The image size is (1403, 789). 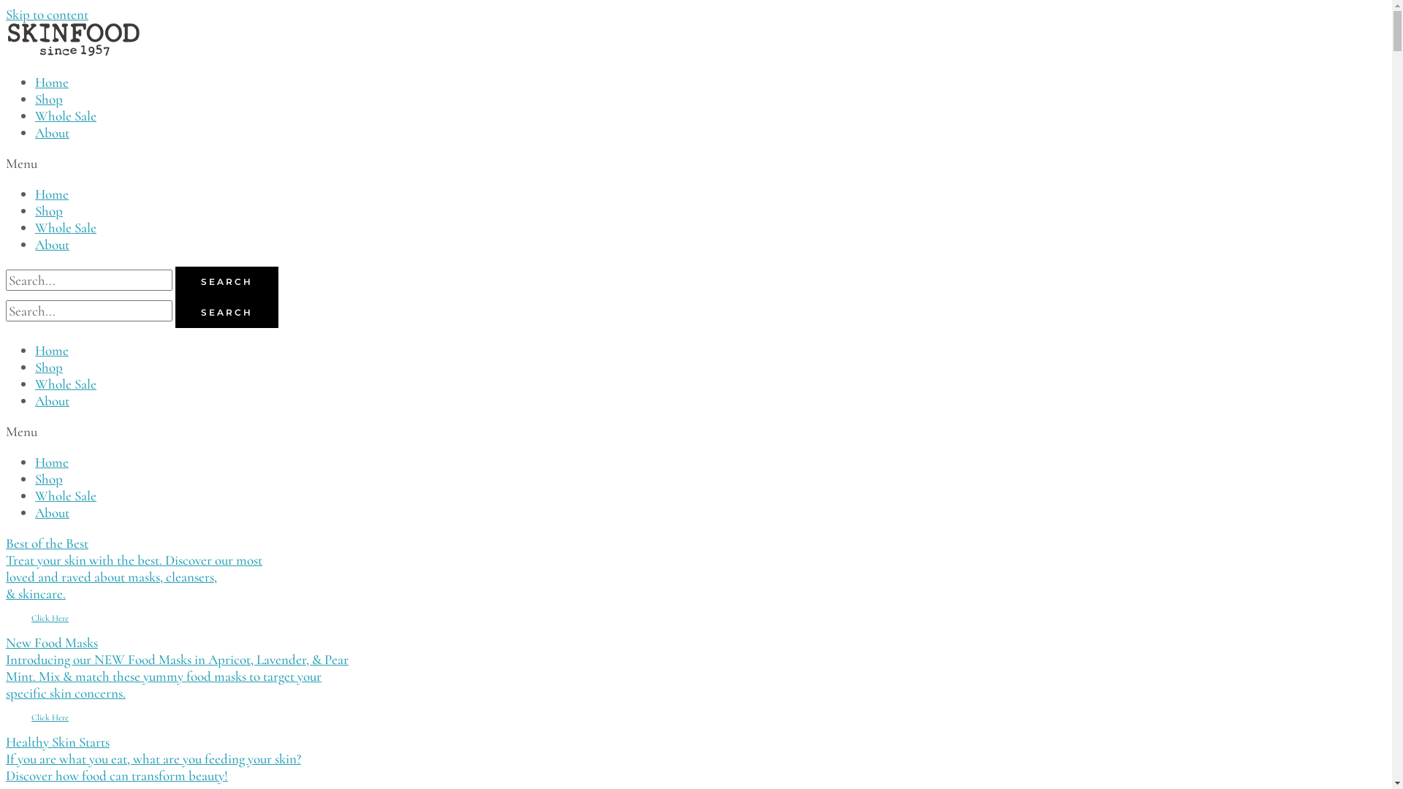 What do you see at coordinates (47, 14) in the screenshot?
I see `'Skip to content'` at bounding box center [47, 14].